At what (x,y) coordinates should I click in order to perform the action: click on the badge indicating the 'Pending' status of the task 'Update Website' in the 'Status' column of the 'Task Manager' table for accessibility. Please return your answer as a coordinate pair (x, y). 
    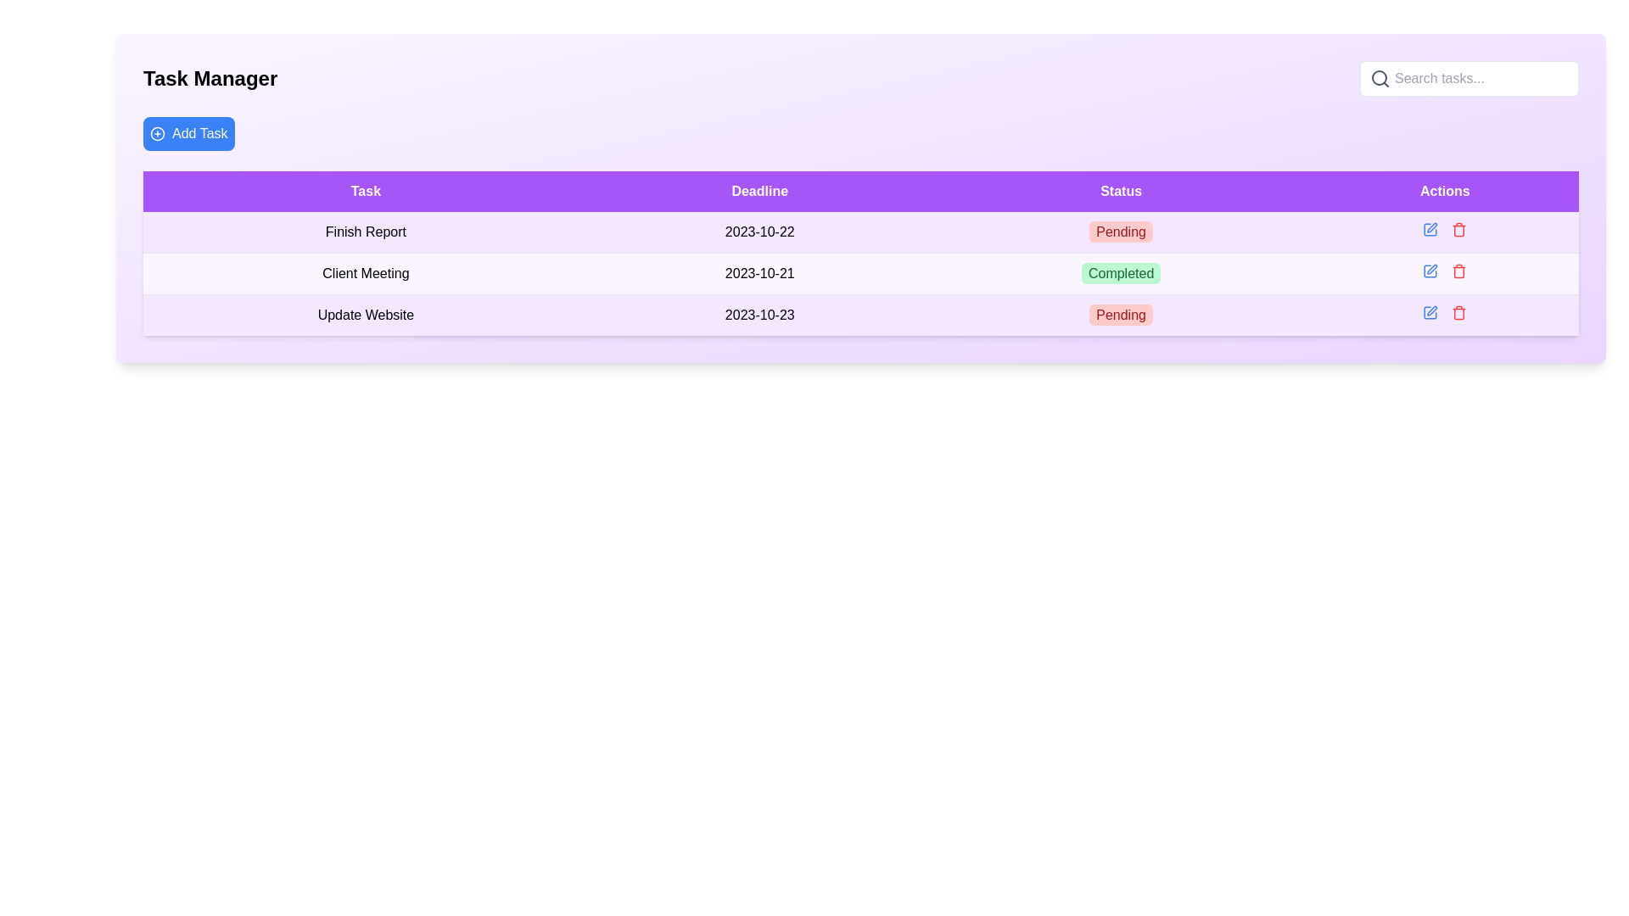
    Looking at the image, I should click on (1121, 315).